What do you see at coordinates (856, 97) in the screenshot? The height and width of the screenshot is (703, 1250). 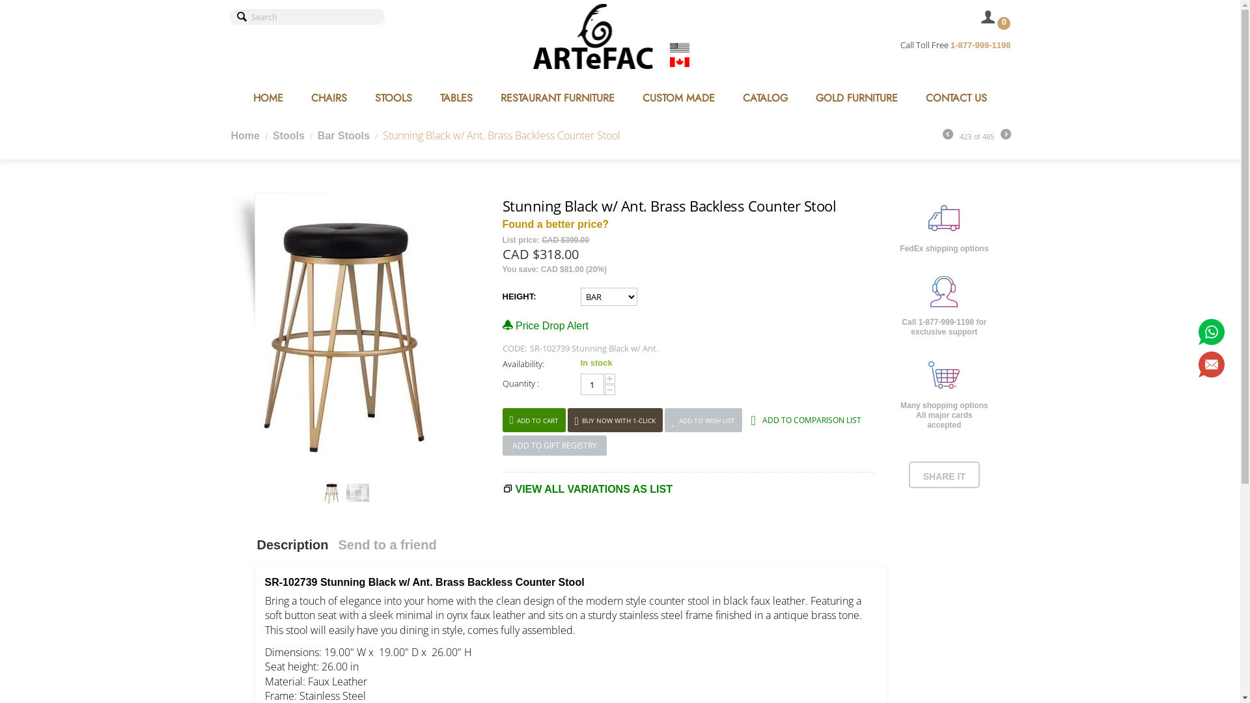 I see `'GOLD FURNITURE'` at bounding box center [856, 97].